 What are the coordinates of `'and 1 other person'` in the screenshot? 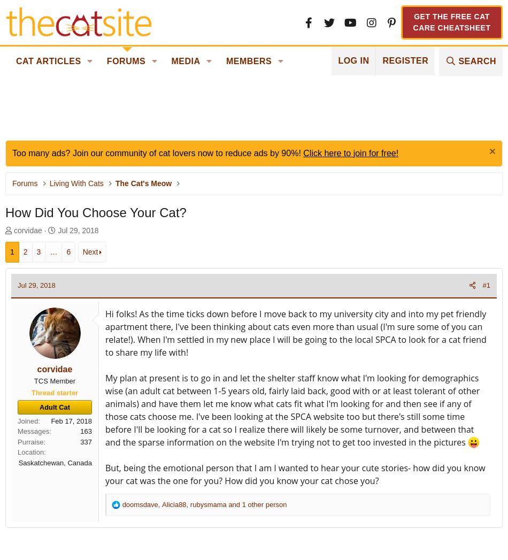 It's located at (256, 504).